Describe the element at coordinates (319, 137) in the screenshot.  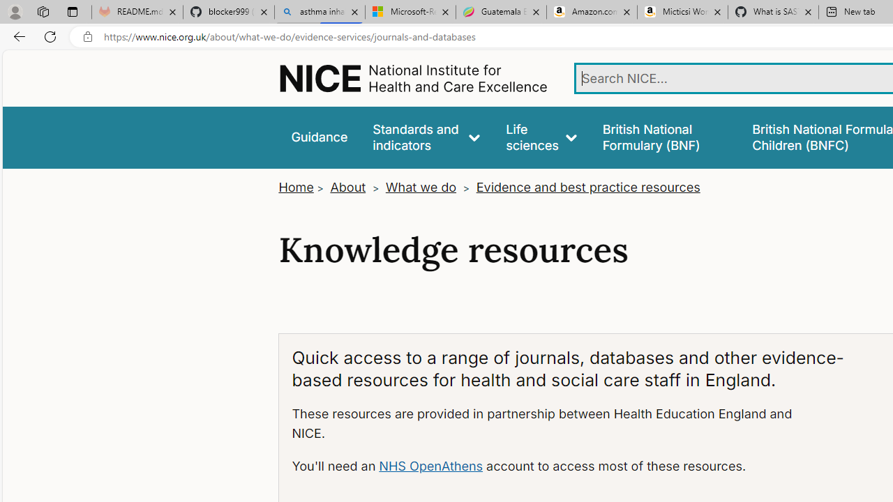
I see `'Guidance'` at that location.